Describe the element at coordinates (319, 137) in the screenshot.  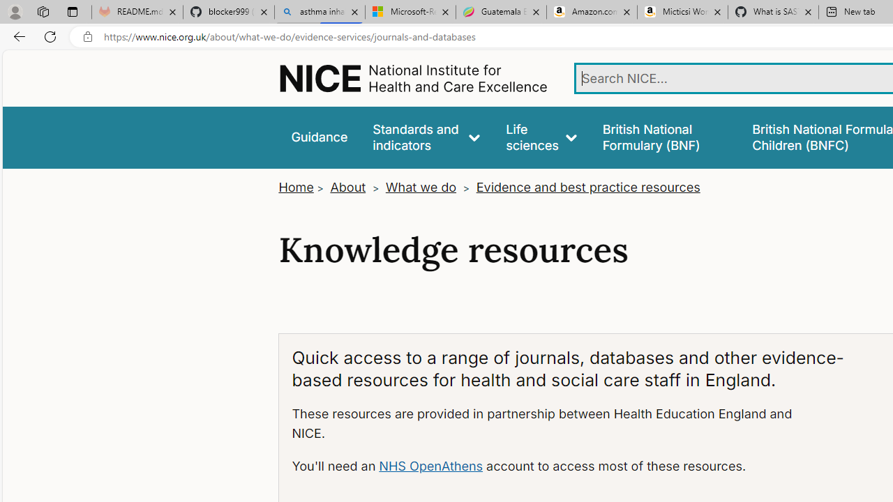
I see `'Guidance'` at that location.